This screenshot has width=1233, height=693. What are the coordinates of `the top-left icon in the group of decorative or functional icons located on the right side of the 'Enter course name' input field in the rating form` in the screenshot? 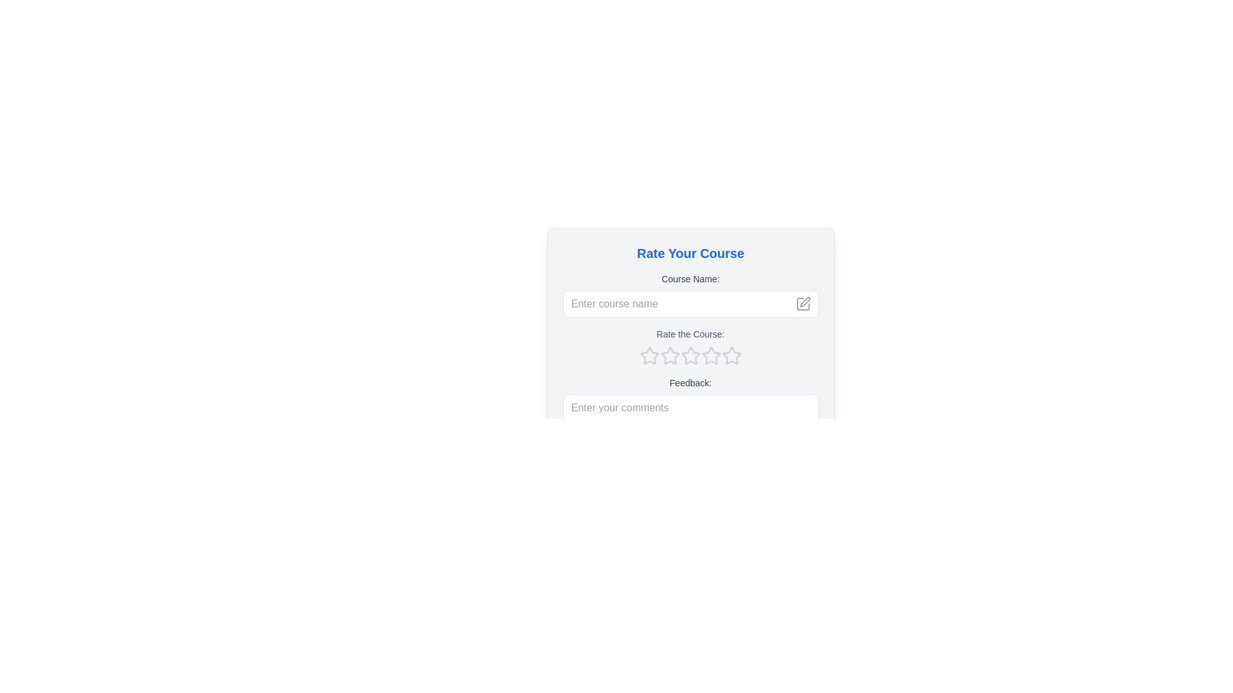 It's located at (802, 304).